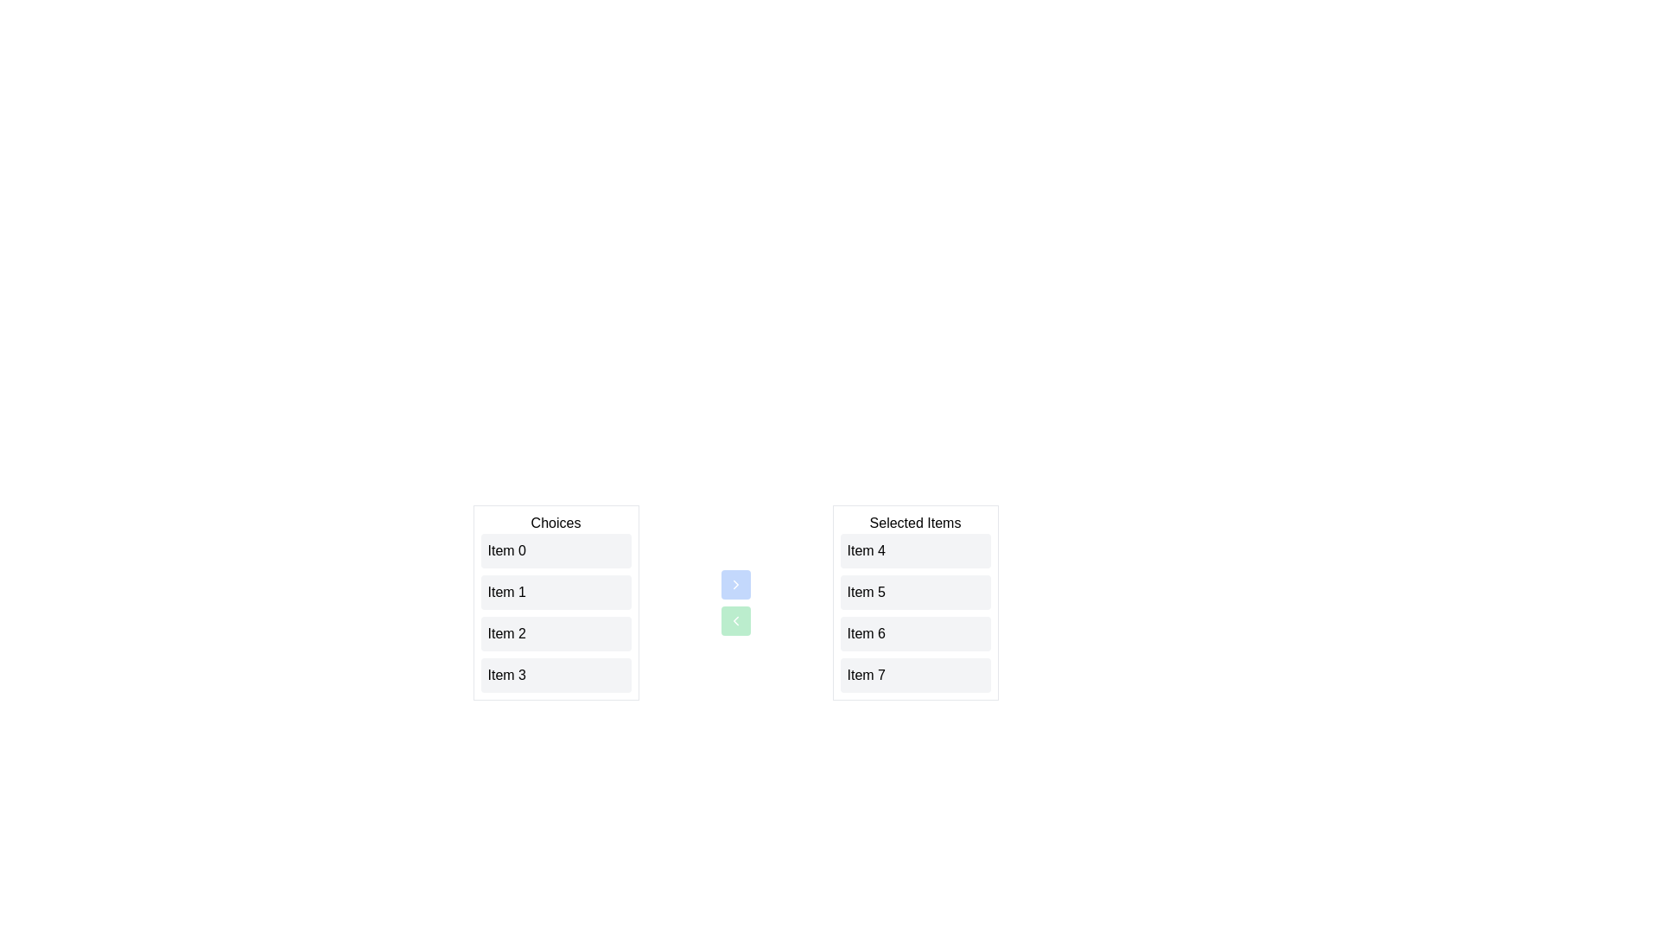  What do you see at coordinates (505, 675) in the screenshot?
I see `the Text Label displaying the item's name, which is the fourth entry in the 'Choices' section located on the left side of the interface, positioned below 'Item 2'` at bounding box center [505, 675].